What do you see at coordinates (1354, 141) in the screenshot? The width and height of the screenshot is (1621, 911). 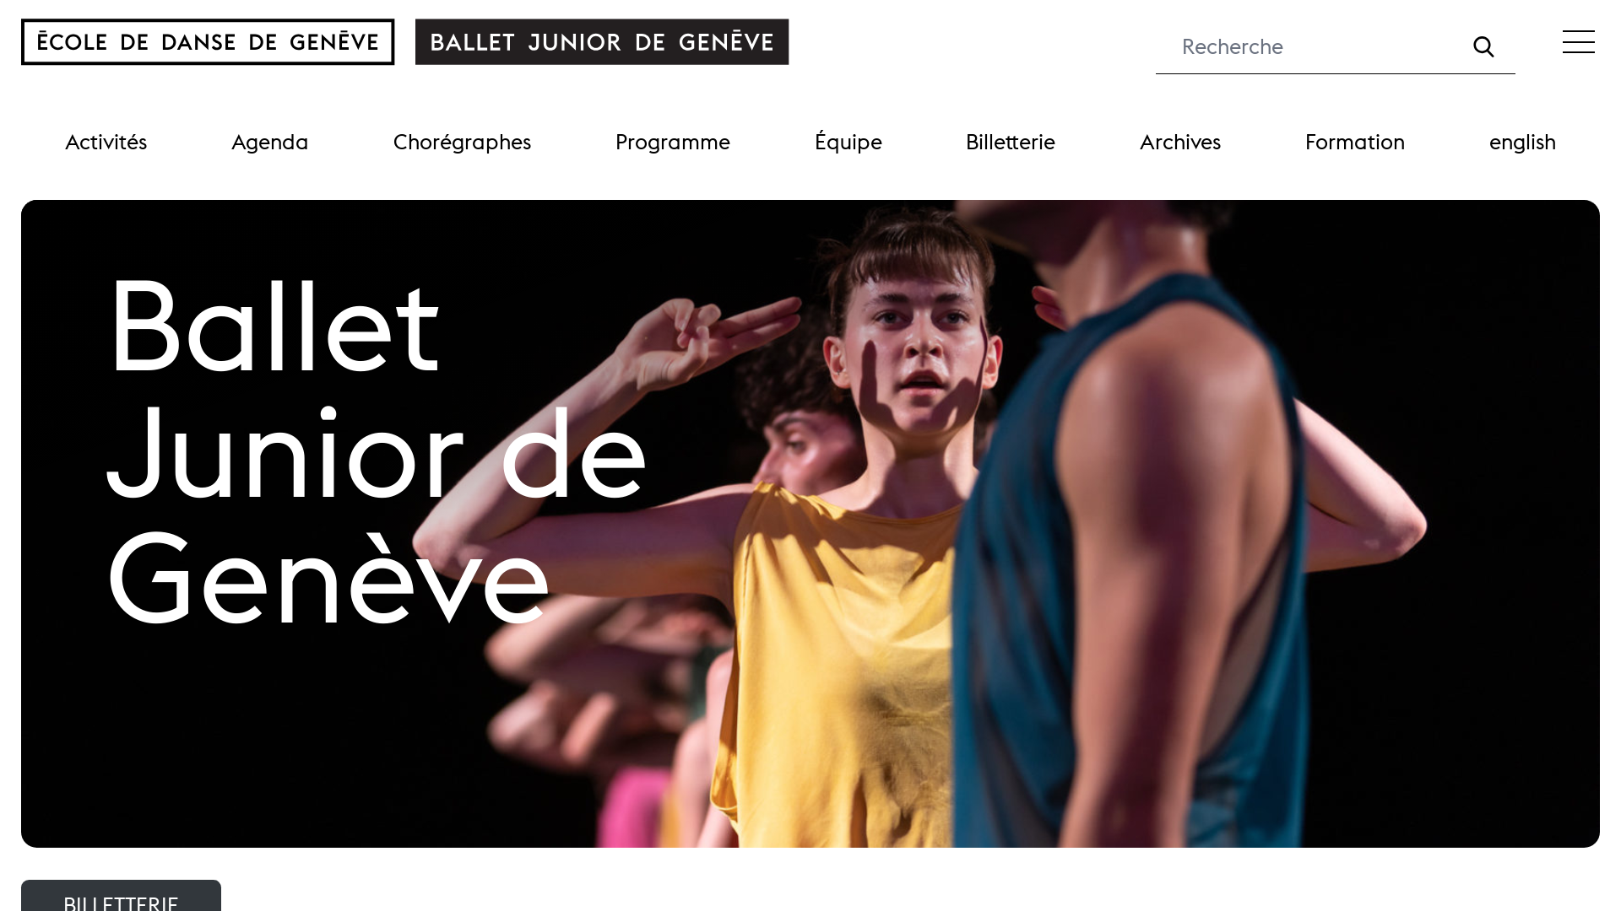 I see `'Formation'` at bounding box center [1354, 141].